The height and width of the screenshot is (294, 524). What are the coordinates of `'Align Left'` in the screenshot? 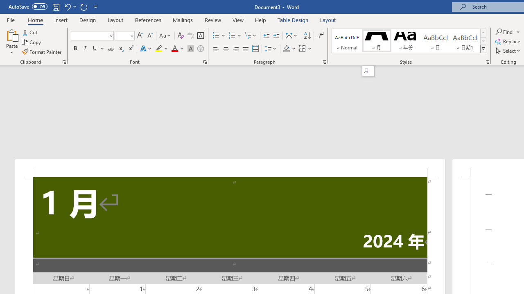 It's located at (216, 49).